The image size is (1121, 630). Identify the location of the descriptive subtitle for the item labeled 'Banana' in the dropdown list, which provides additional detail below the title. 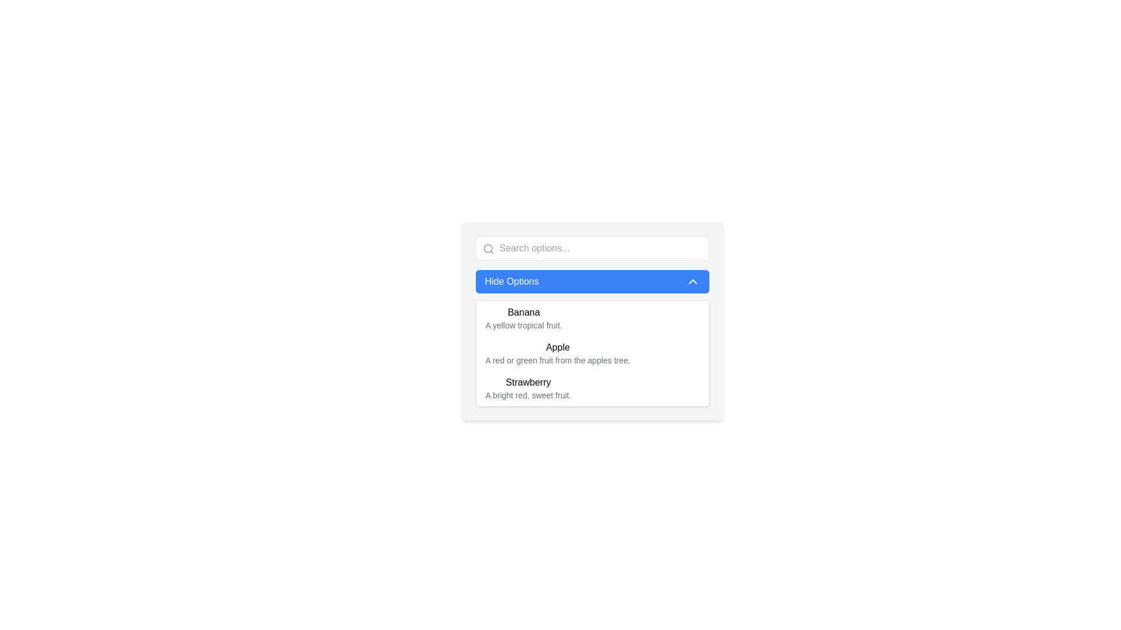
(523, 325).